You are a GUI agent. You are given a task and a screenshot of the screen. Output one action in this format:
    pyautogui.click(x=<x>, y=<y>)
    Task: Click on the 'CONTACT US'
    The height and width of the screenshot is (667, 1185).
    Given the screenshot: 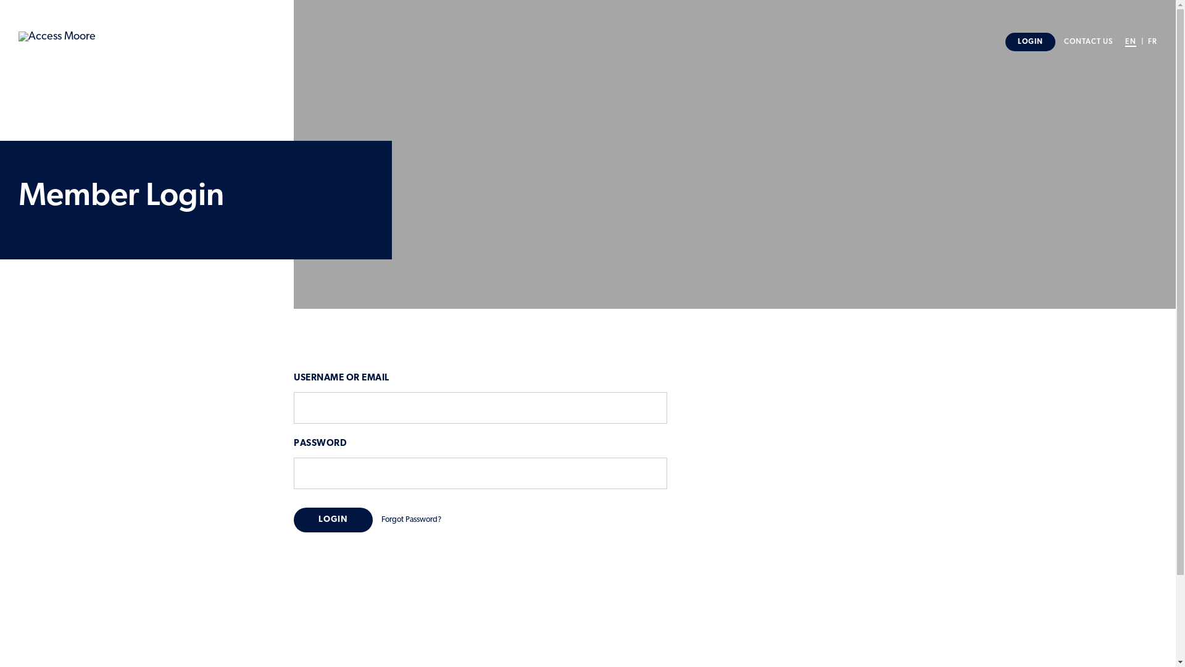 What is the action you would take?
    pyautogui.click(x=1088, y=41)
    